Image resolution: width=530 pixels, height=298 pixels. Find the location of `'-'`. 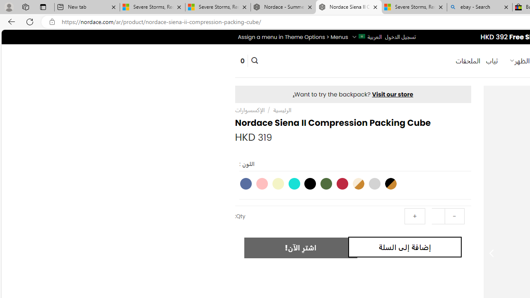

'-' is located at coordinates (454, 216).